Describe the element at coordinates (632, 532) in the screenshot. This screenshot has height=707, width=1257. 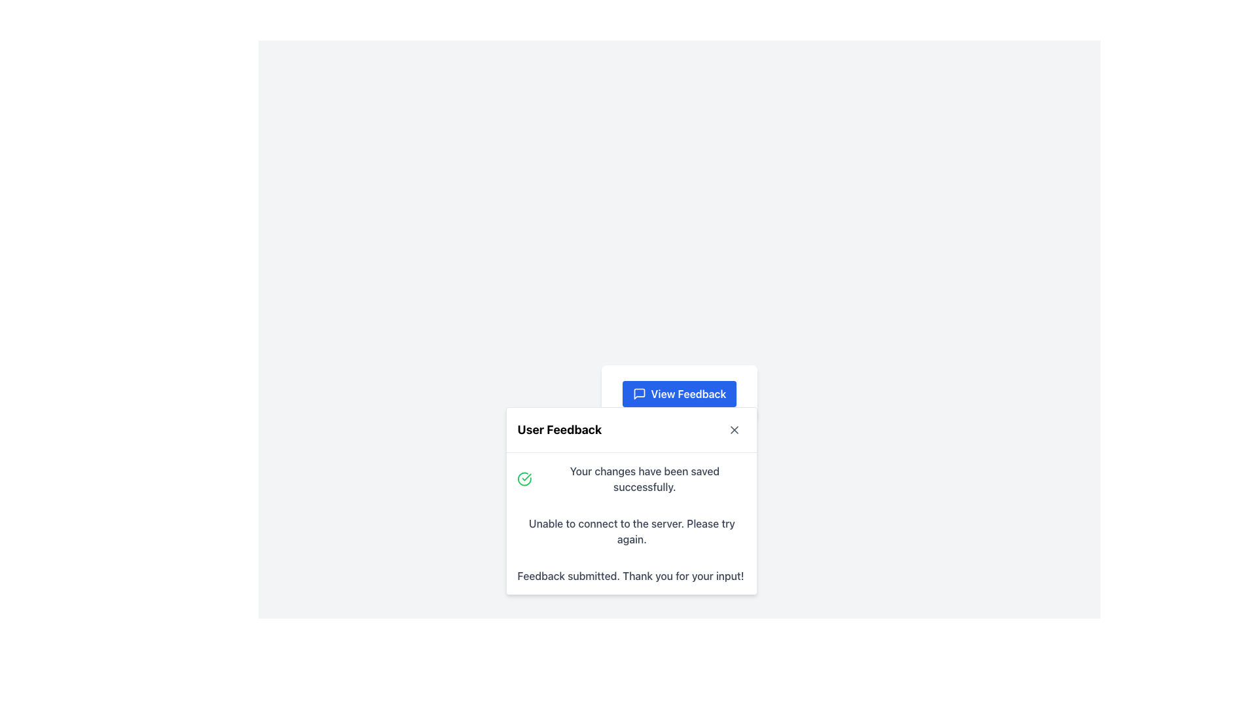
I see `the error message text label that notifies users of a server connection failure, which is located at the center of the modal dialog box` at that location.